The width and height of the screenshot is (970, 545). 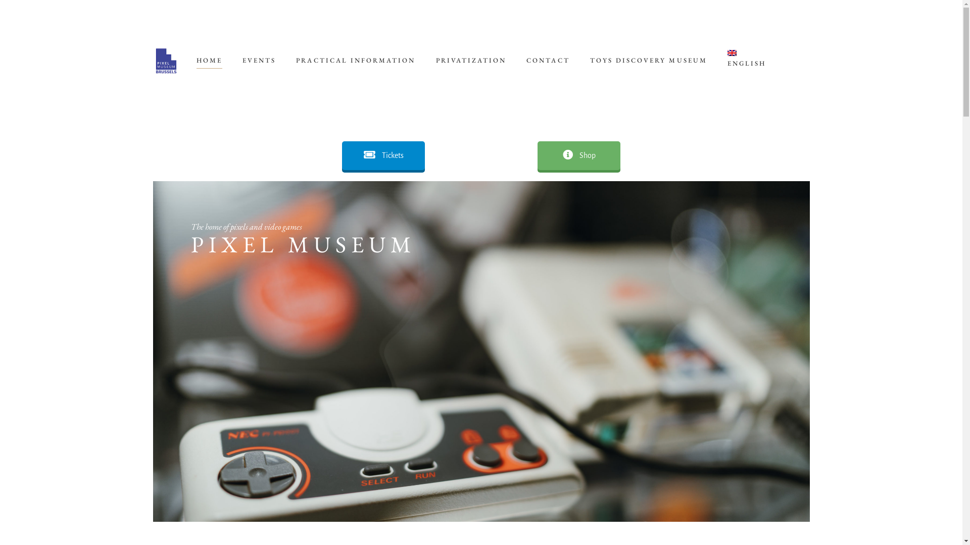 I want to click on 'Shop', so click(x=537, y=155).